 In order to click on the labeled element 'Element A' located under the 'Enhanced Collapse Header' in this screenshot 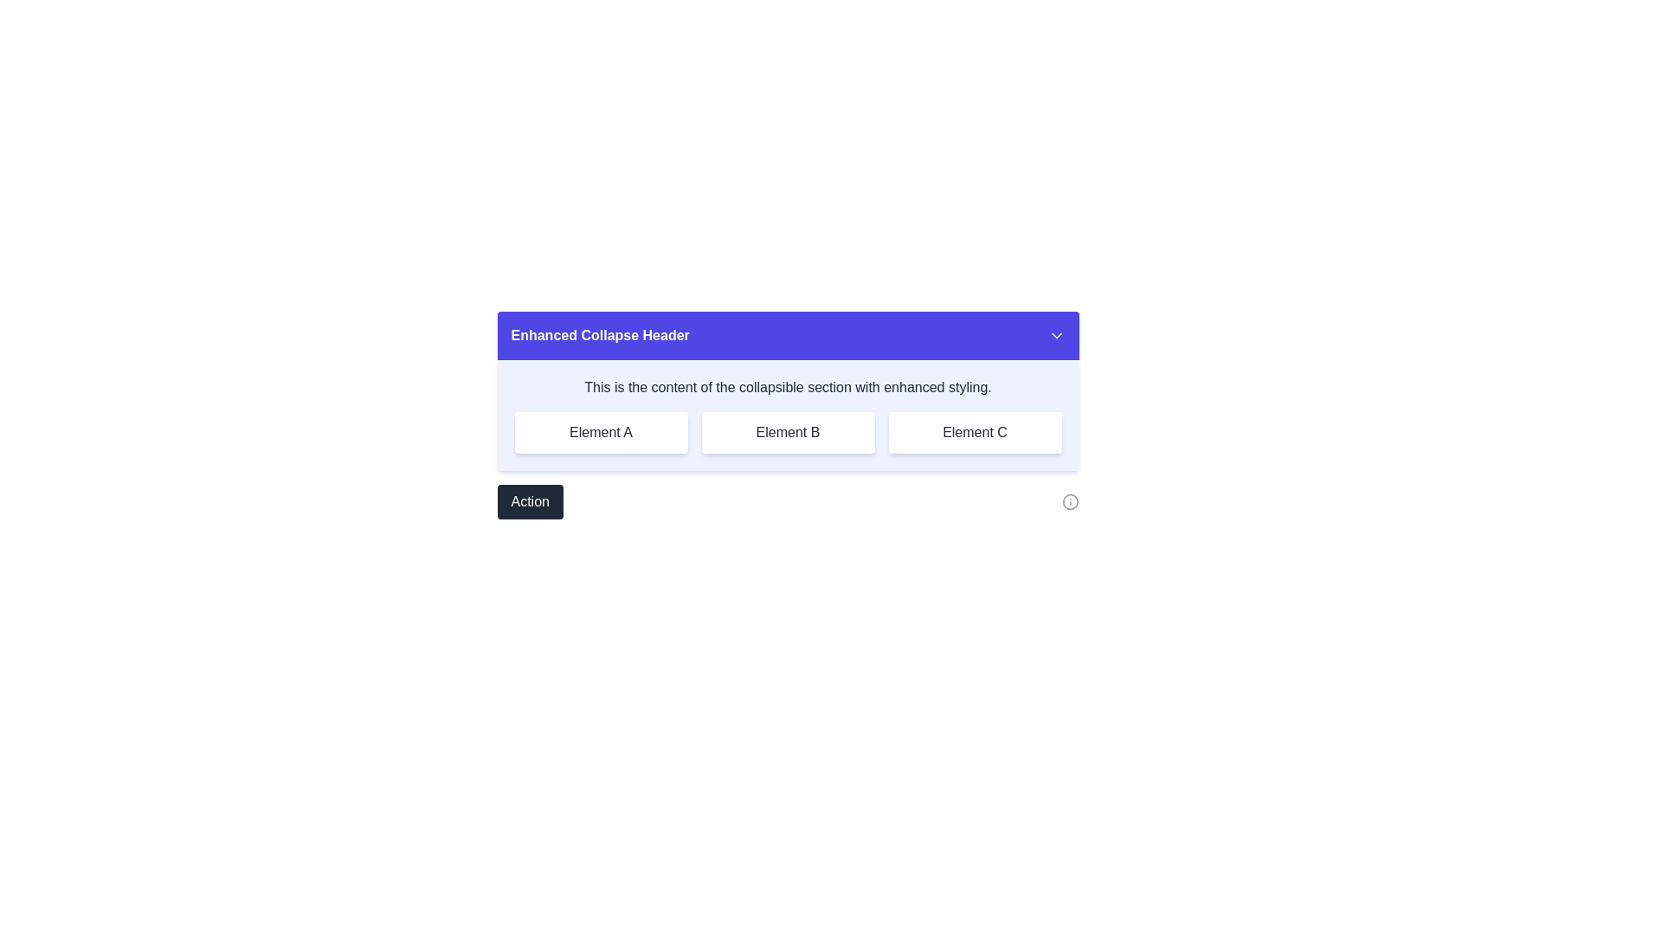, I will do `click(601, 432)`.